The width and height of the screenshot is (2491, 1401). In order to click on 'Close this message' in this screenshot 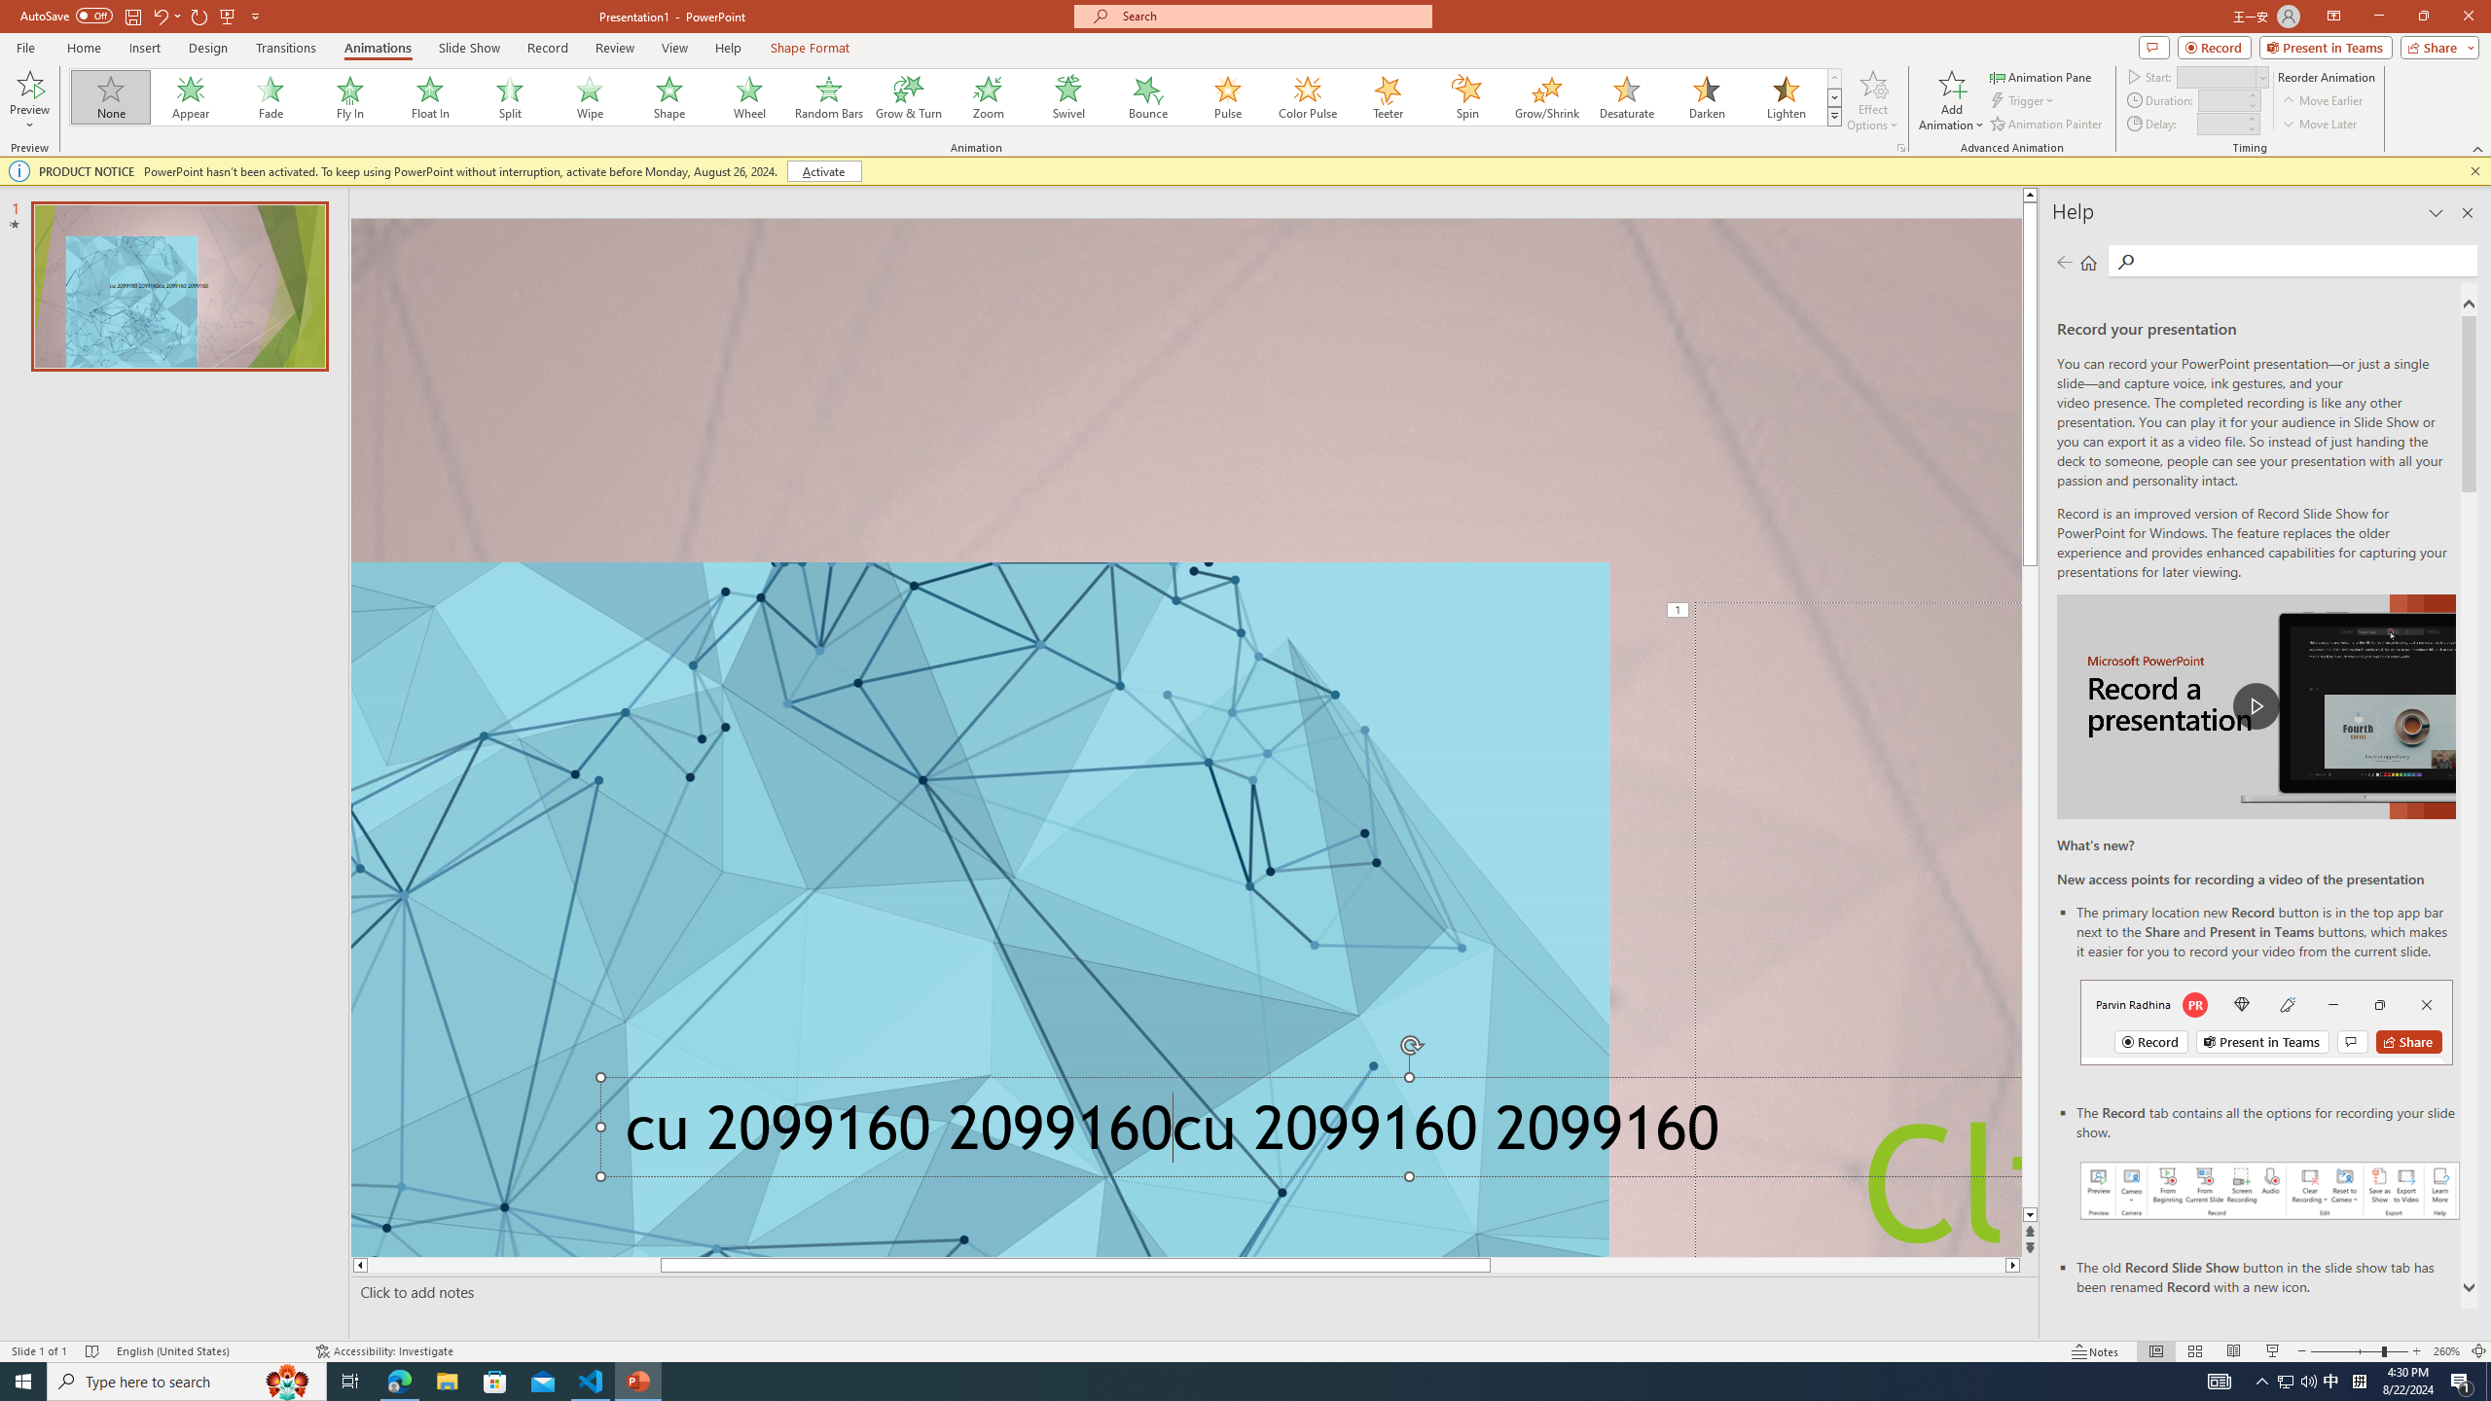, I will do `click(2474, 170)`.